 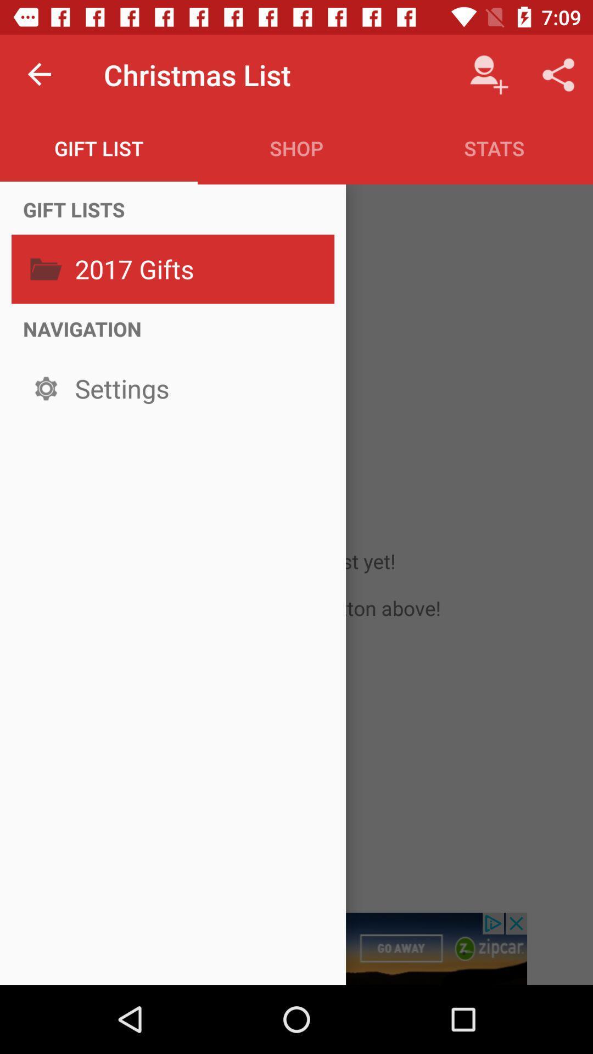 I want to click on the item next to christmas list icon, so click(x=40, y=74).